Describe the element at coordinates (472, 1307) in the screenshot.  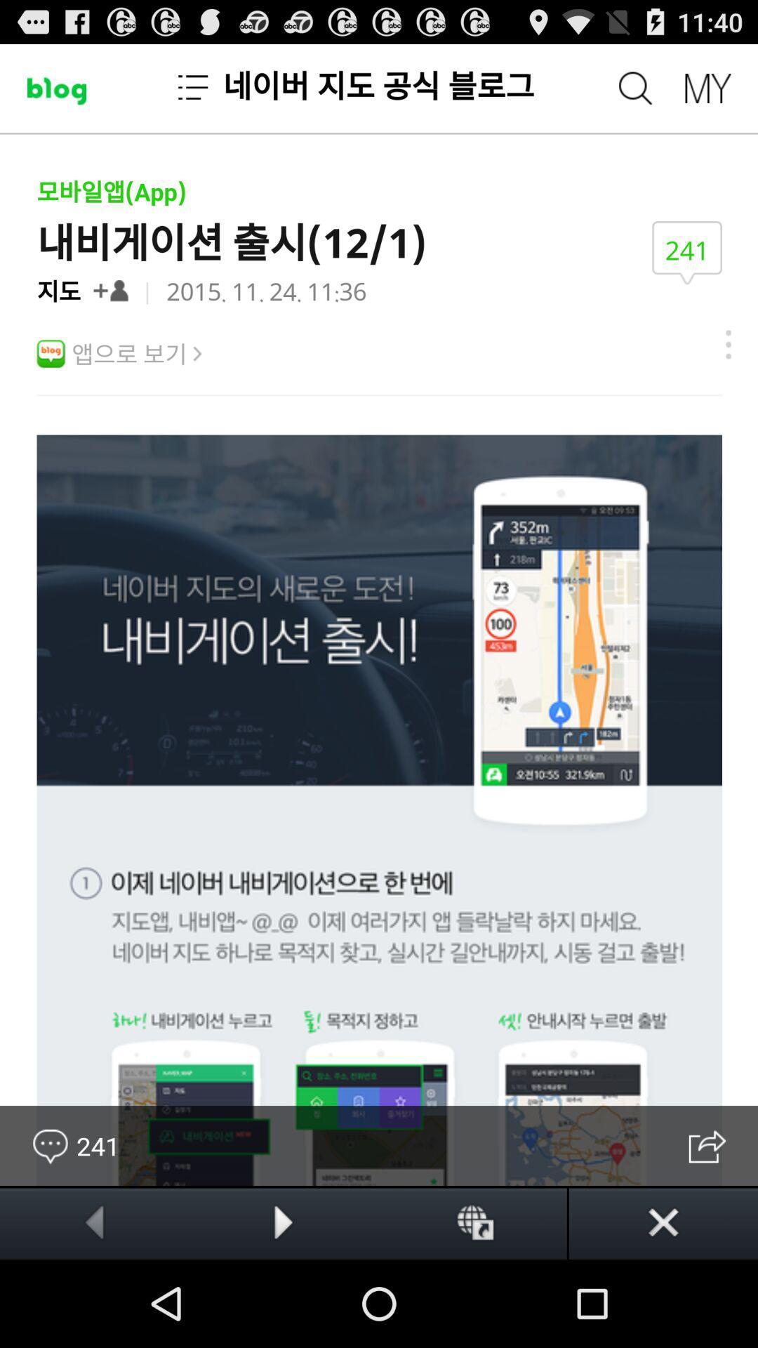
I see `the globe icon` at that location.